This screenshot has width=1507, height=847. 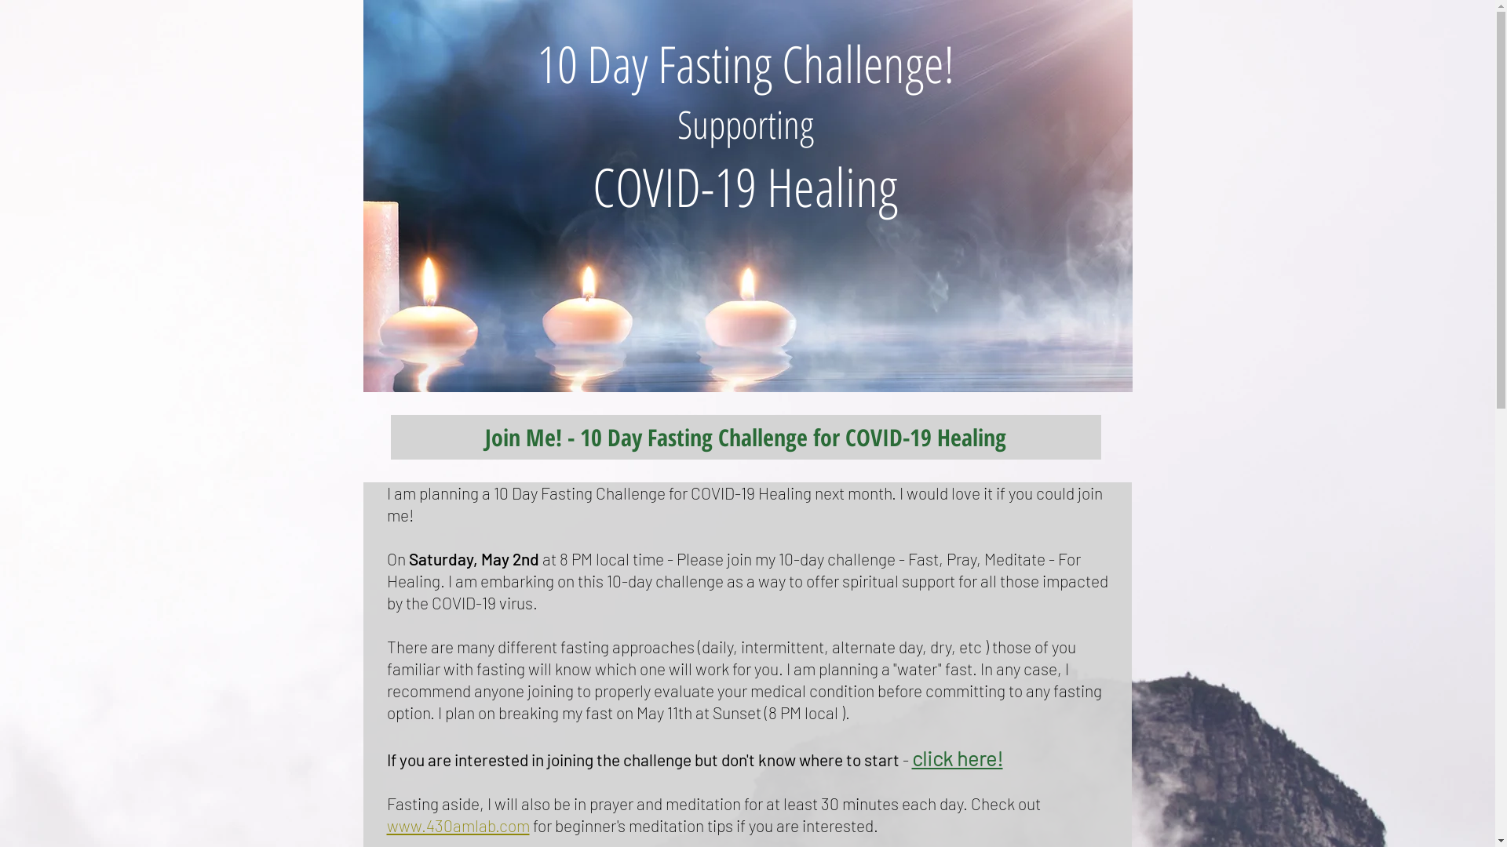 What do you see at coordinates (911, 758) in the screenshot?
I see `'click here!'` at bounding box center [911, 758].